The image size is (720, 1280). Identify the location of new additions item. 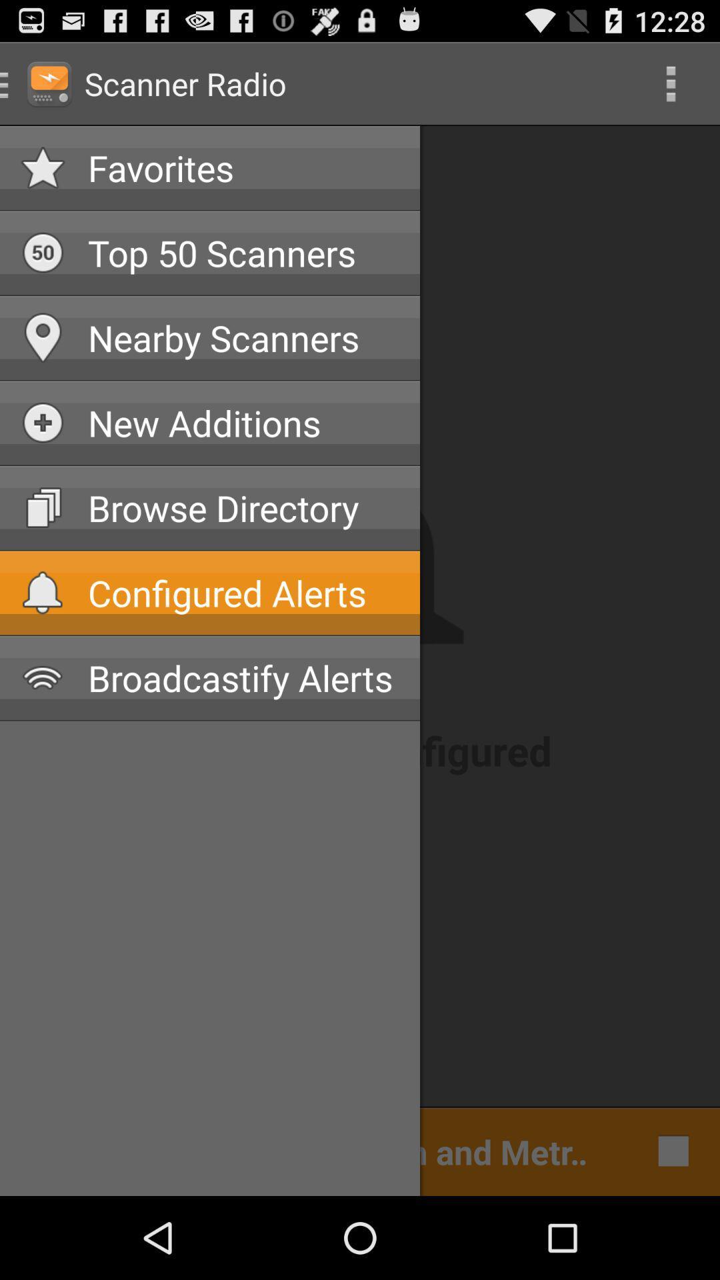
(243, 422).